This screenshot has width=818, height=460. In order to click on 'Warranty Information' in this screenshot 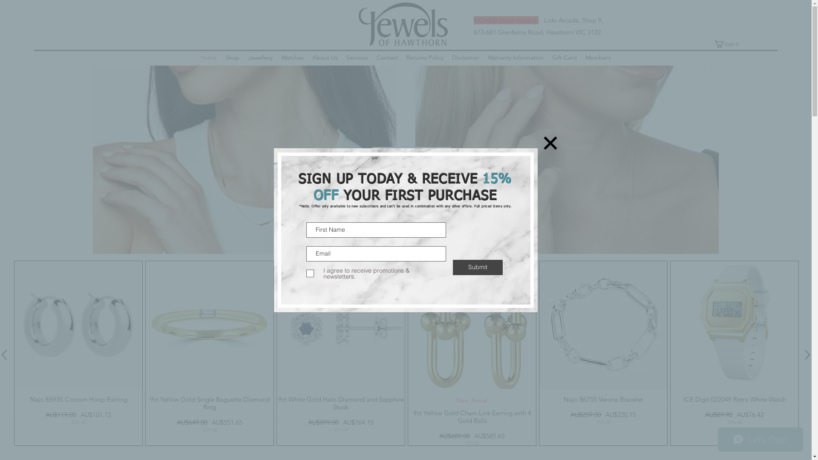, I will do `click(515, 57)`.